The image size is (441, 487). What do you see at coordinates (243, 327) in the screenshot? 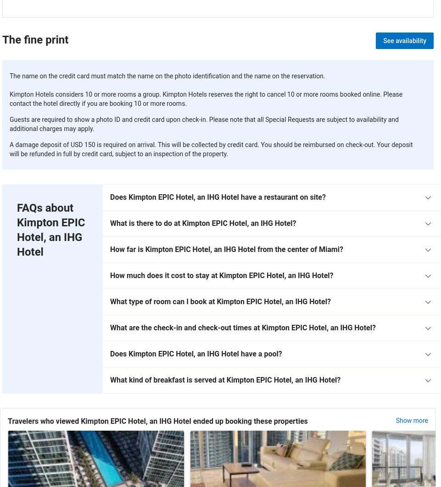
I see `'What are the check-in and check-out times at Kimpton EPIC Hotel, an IHG Hotel?'` at bounding box center [243, 327].